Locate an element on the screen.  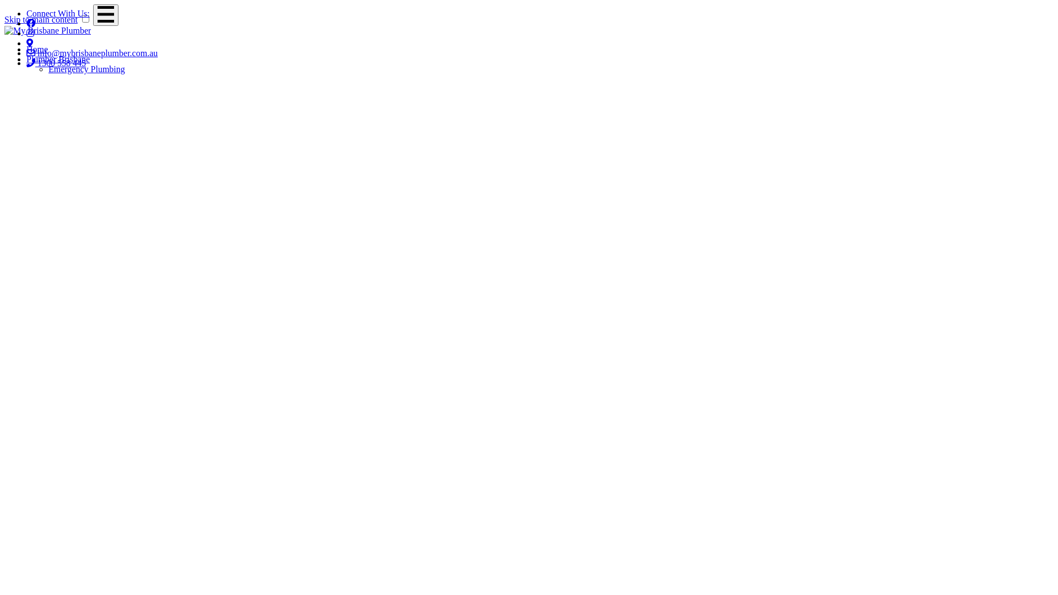
'Skip to main content' is located at coordinates (4, 19).